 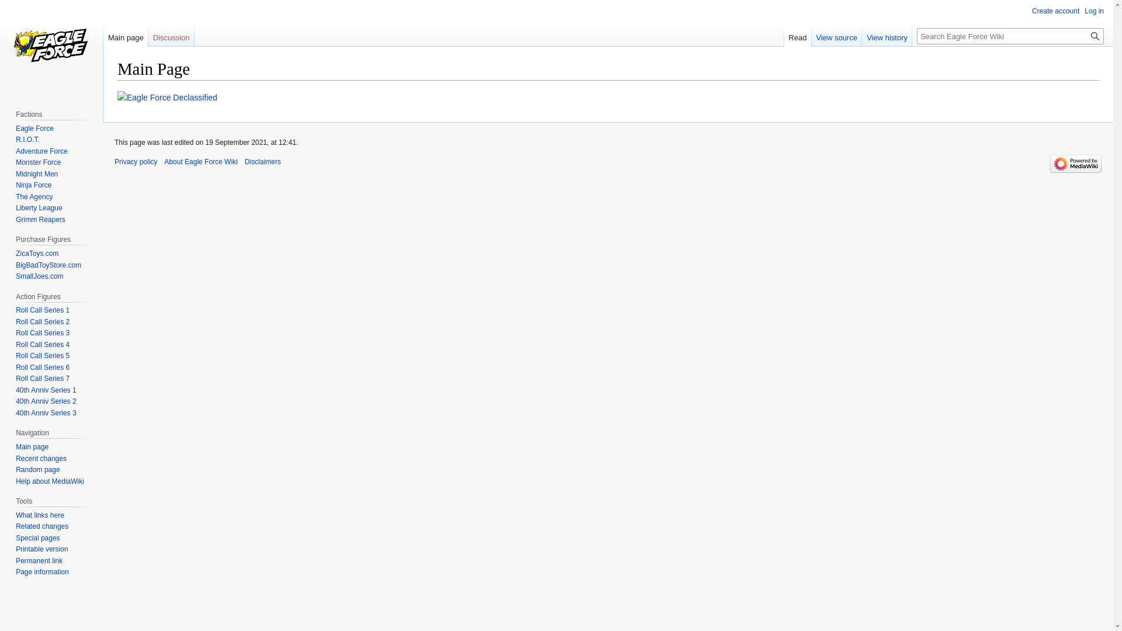 What do you see at coordinates (49, 481) in the screenshot?
I see `'Help about MediaWiki'` at bounding box center [49, 481].